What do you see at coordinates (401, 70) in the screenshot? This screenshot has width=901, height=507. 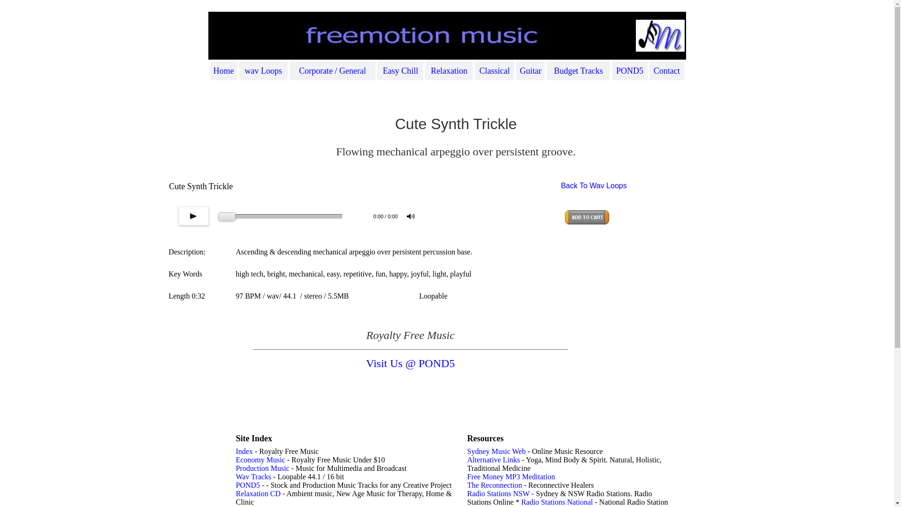 I see `'Easy Chill'` at bounding box center [401, 70].